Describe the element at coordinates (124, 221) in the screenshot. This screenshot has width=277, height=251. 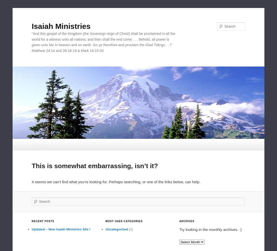
I see `'Most Used Categories'` at that location.